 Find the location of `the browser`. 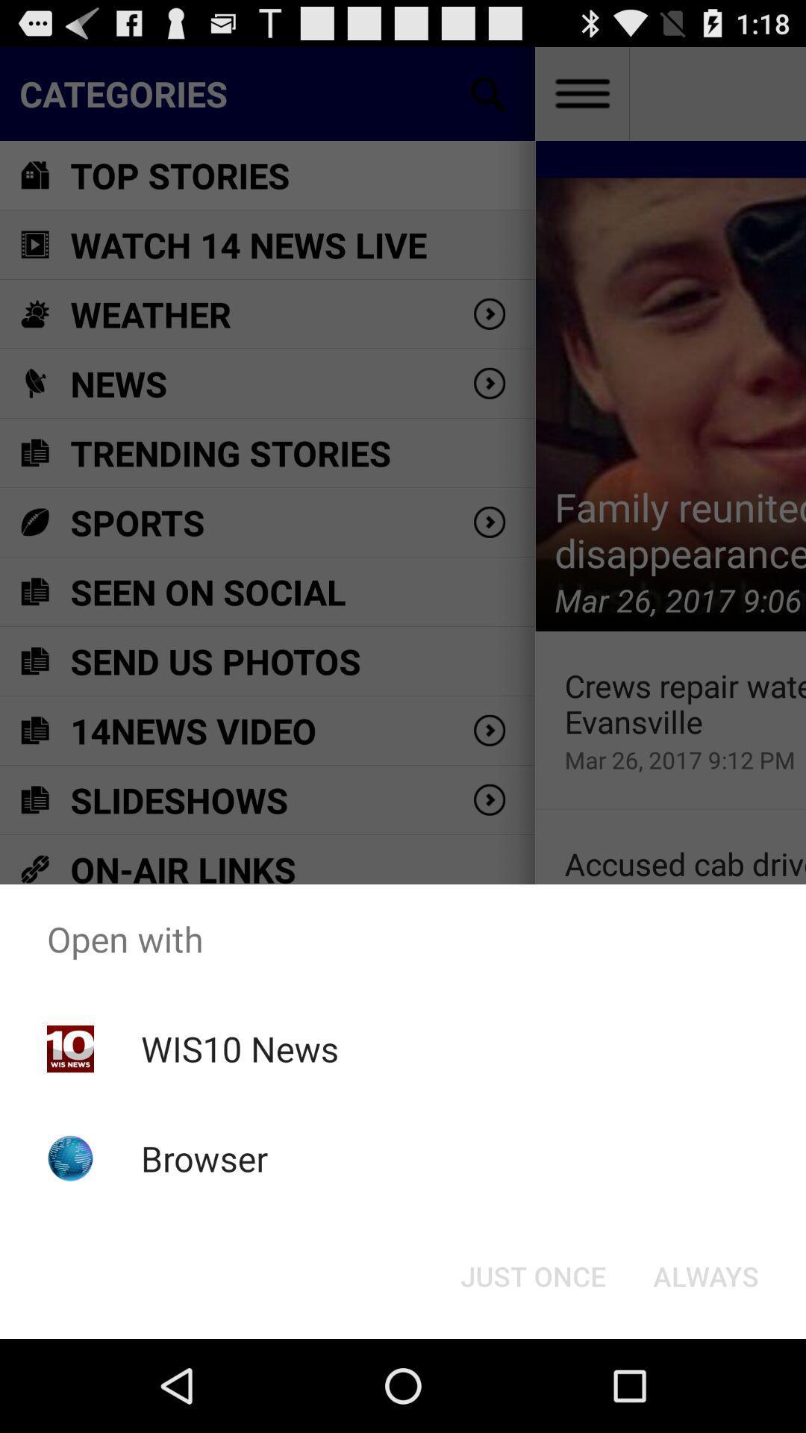

the browser is located at coordinates (204, 1158).